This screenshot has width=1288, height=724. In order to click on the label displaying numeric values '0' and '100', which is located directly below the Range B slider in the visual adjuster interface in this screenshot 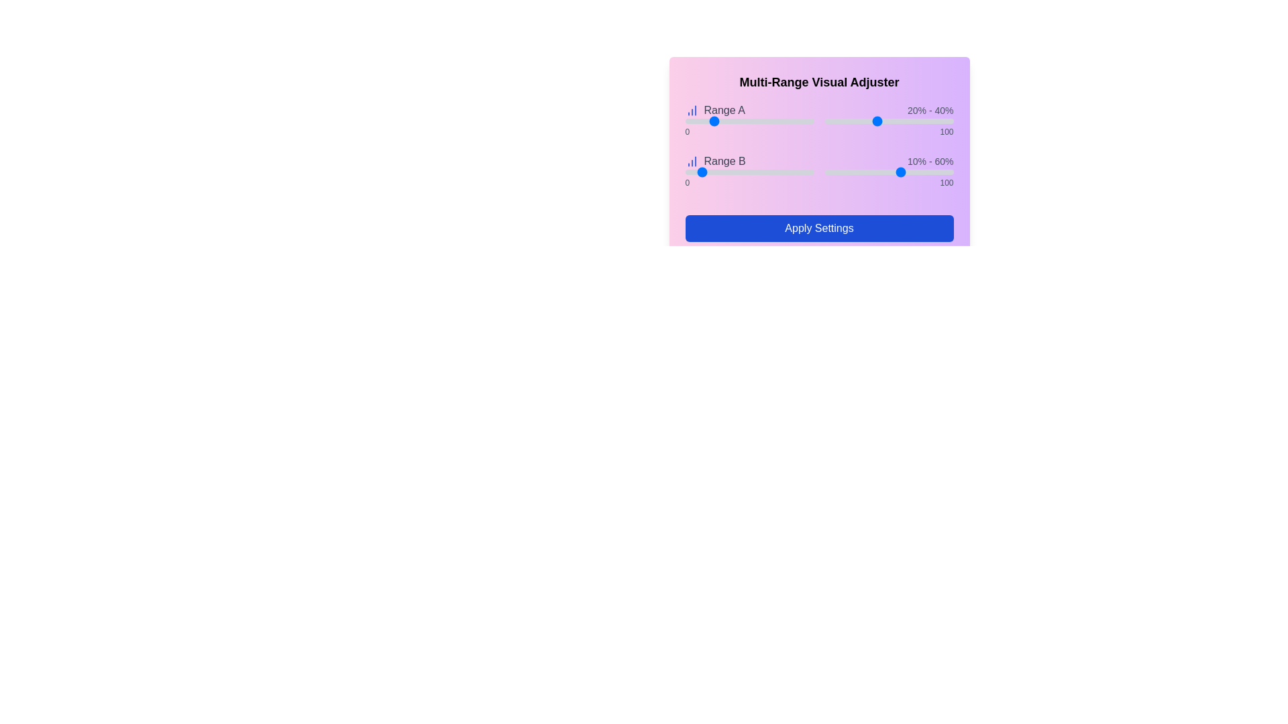, I will do `click(818, 183)`.